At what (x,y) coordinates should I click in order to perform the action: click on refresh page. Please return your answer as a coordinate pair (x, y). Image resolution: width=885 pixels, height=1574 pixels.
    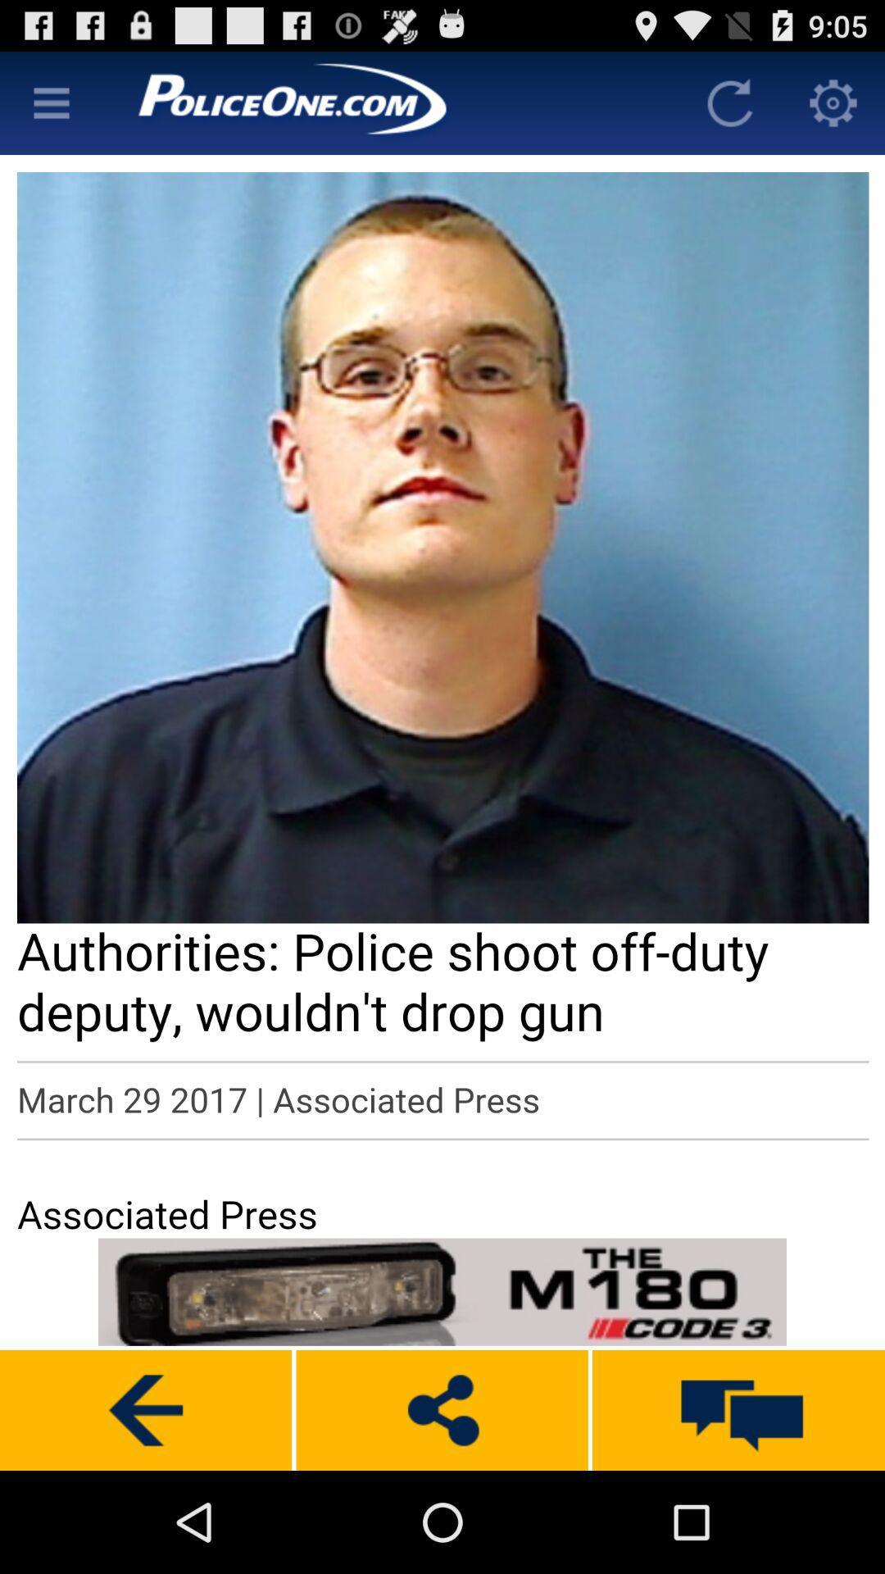
    Looking at the image, I should click on (729, 102).